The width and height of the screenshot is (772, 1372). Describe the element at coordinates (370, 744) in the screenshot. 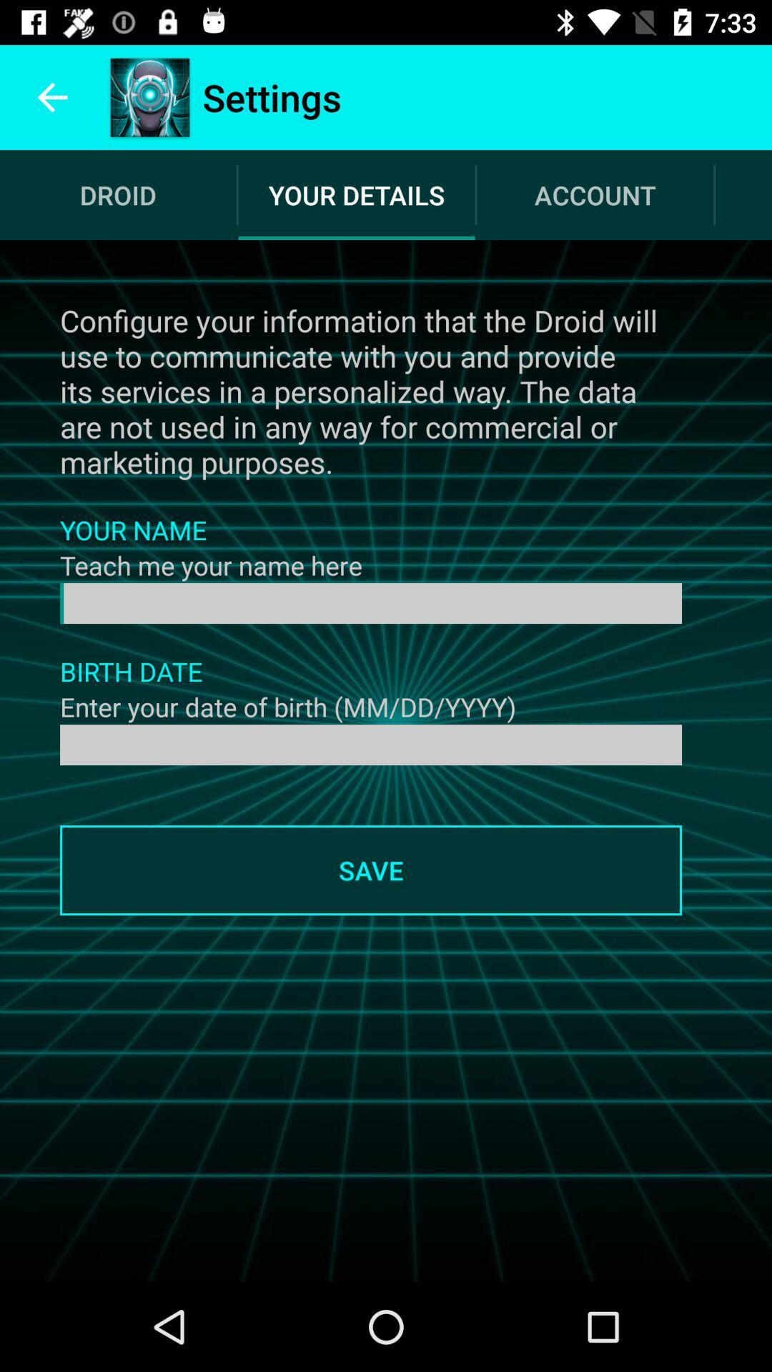

I see `the date of birth details` at that location.